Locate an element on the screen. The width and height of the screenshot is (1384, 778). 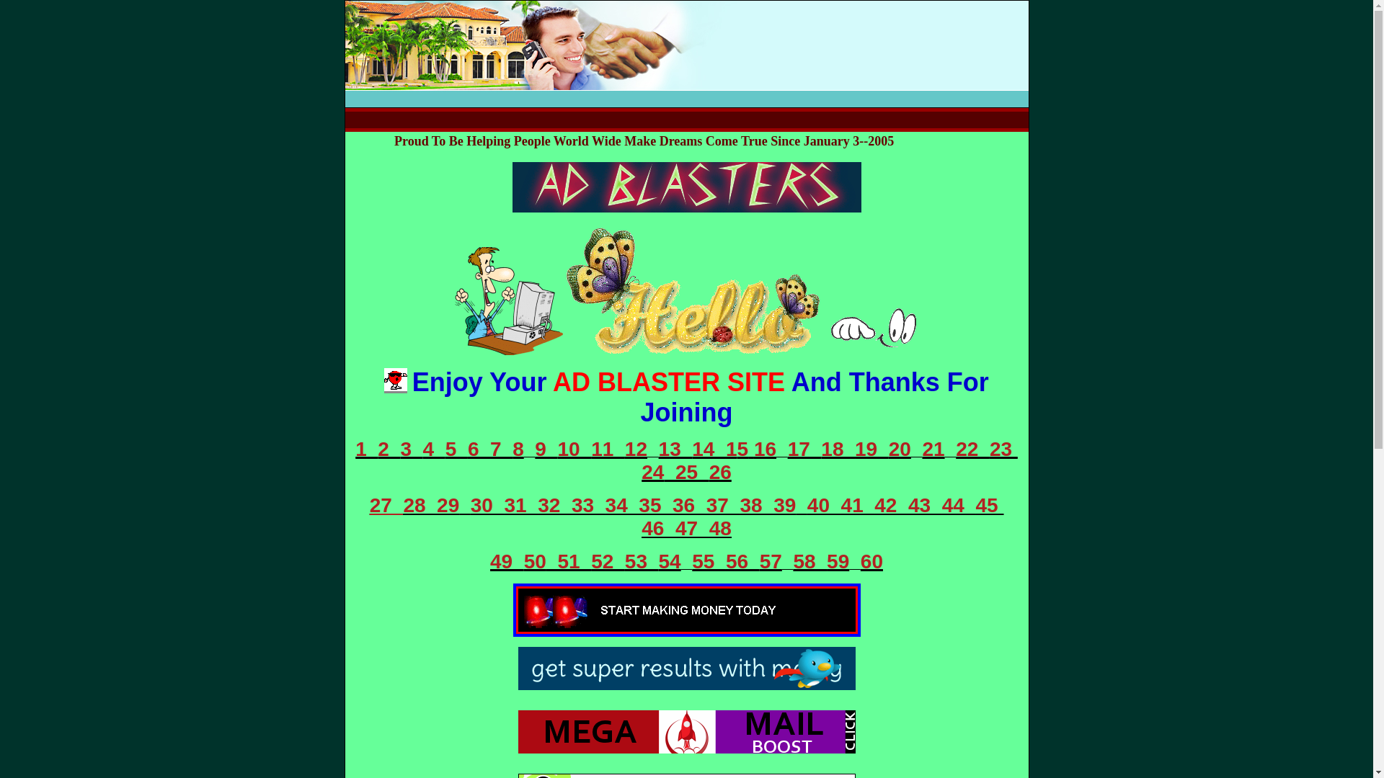
'36 ' is located at coordinates (688, 504).